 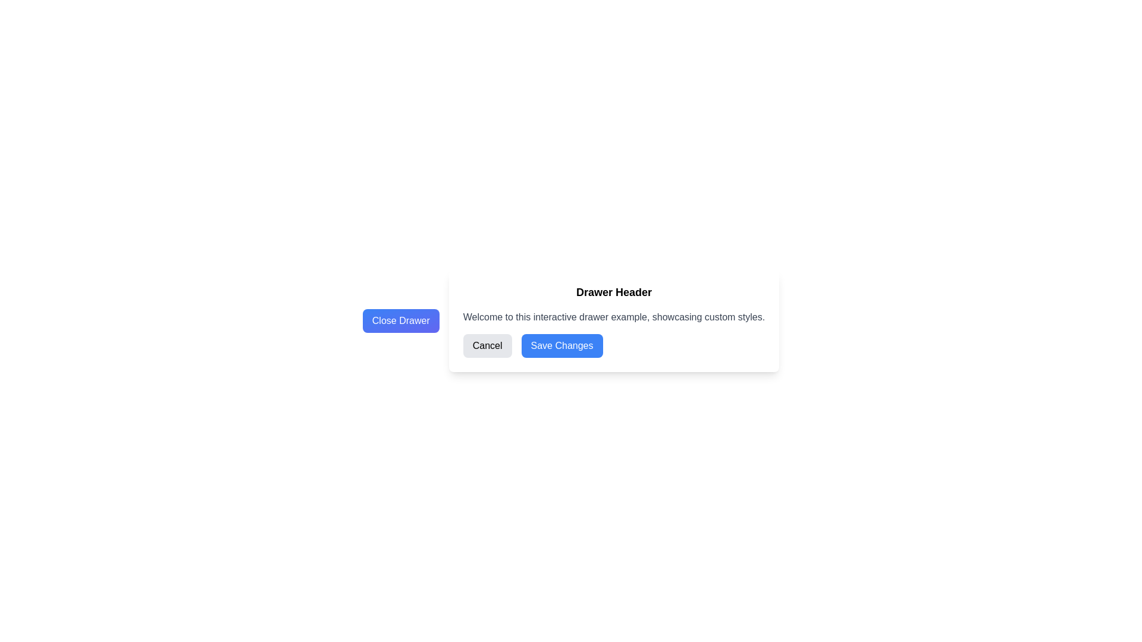 I want to click on the 'Save Changes' button, which is a rectangular button with rounded corners, blue background, and white text, located at the bottom of the card near the right-hand side, so click(x=561, y=346).